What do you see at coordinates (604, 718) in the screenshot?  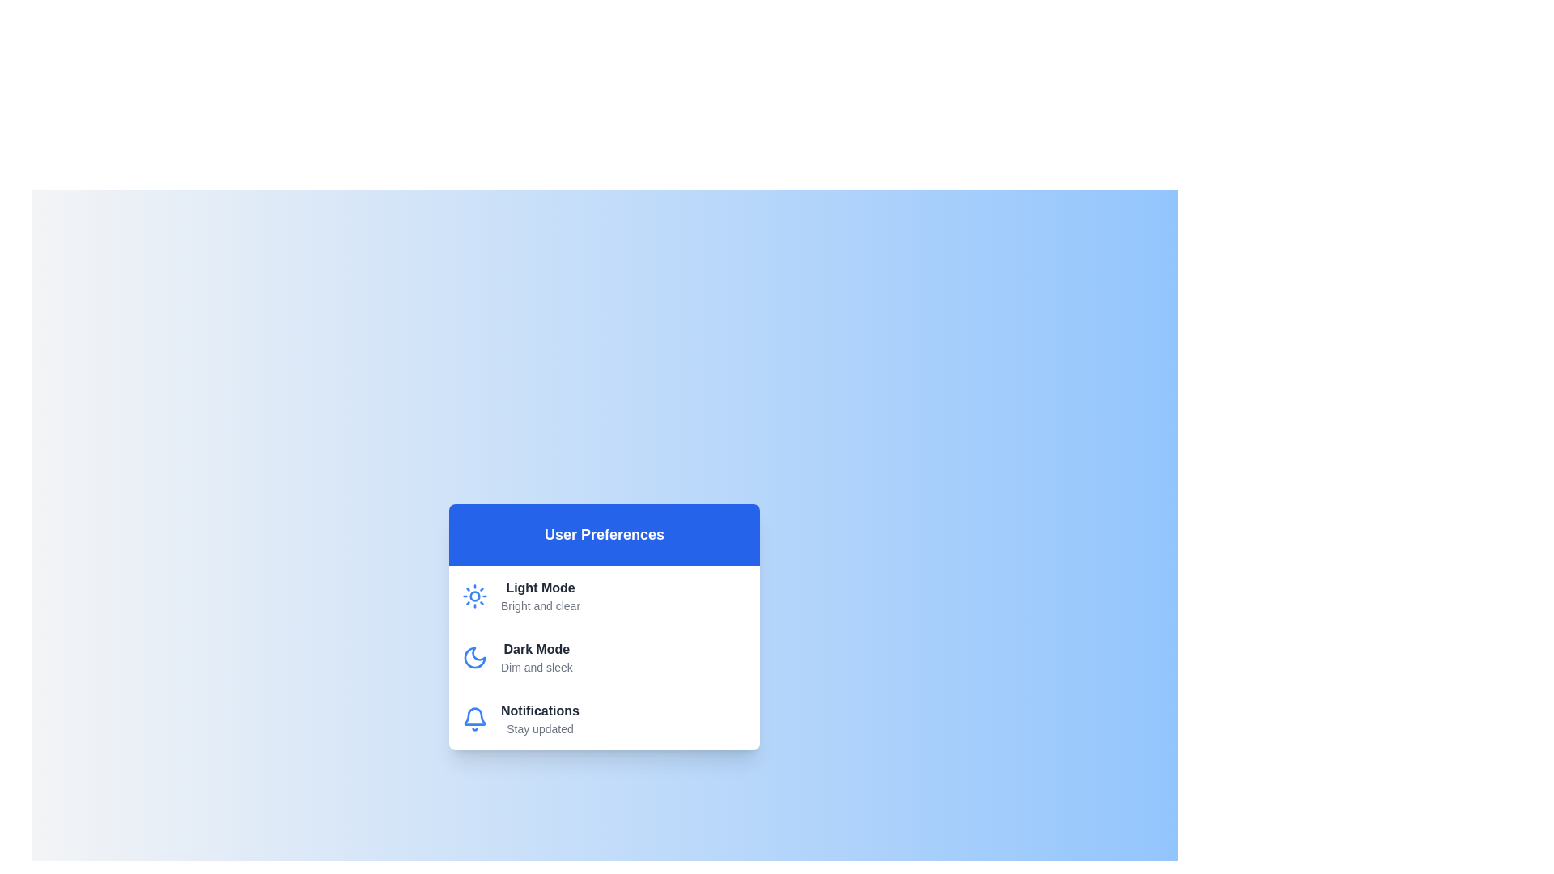 I see `the theme Notifications to observe the hover effect` at bounding box center [604, 718].